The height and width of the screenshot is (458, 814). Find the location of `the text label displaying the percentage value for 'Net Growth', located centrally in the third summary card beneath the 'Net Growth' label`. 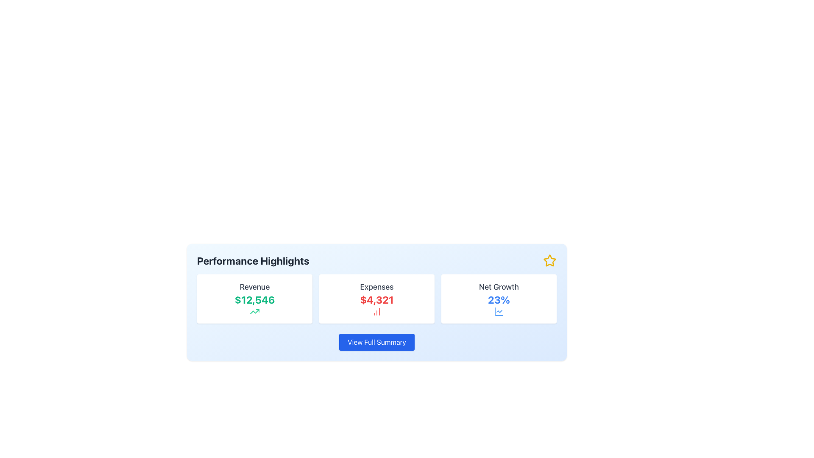

the text label displaying the percentage value for 'Net Growth', located centrally in the third summary card beneath the 'Net Growth' label is located at coordinates (499, 299).